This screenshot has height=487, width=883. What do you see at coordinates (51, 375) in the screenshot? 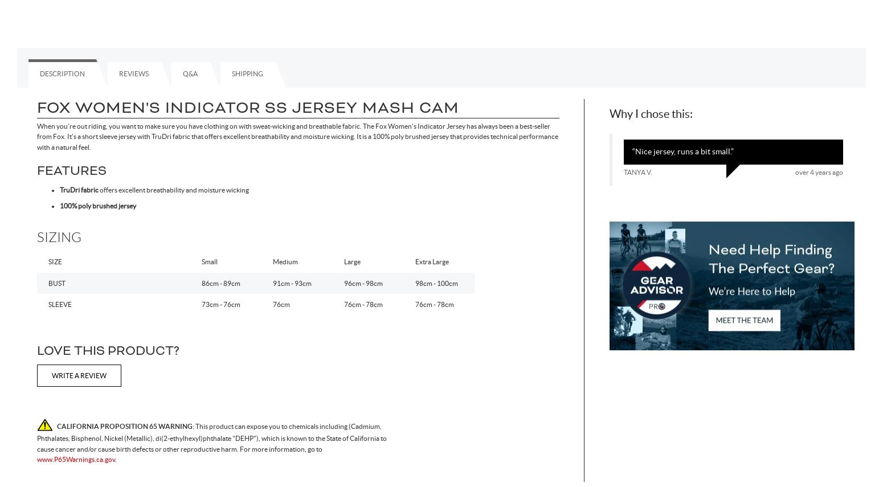
I see `'Write a review'` at bounding box center [51, 375].